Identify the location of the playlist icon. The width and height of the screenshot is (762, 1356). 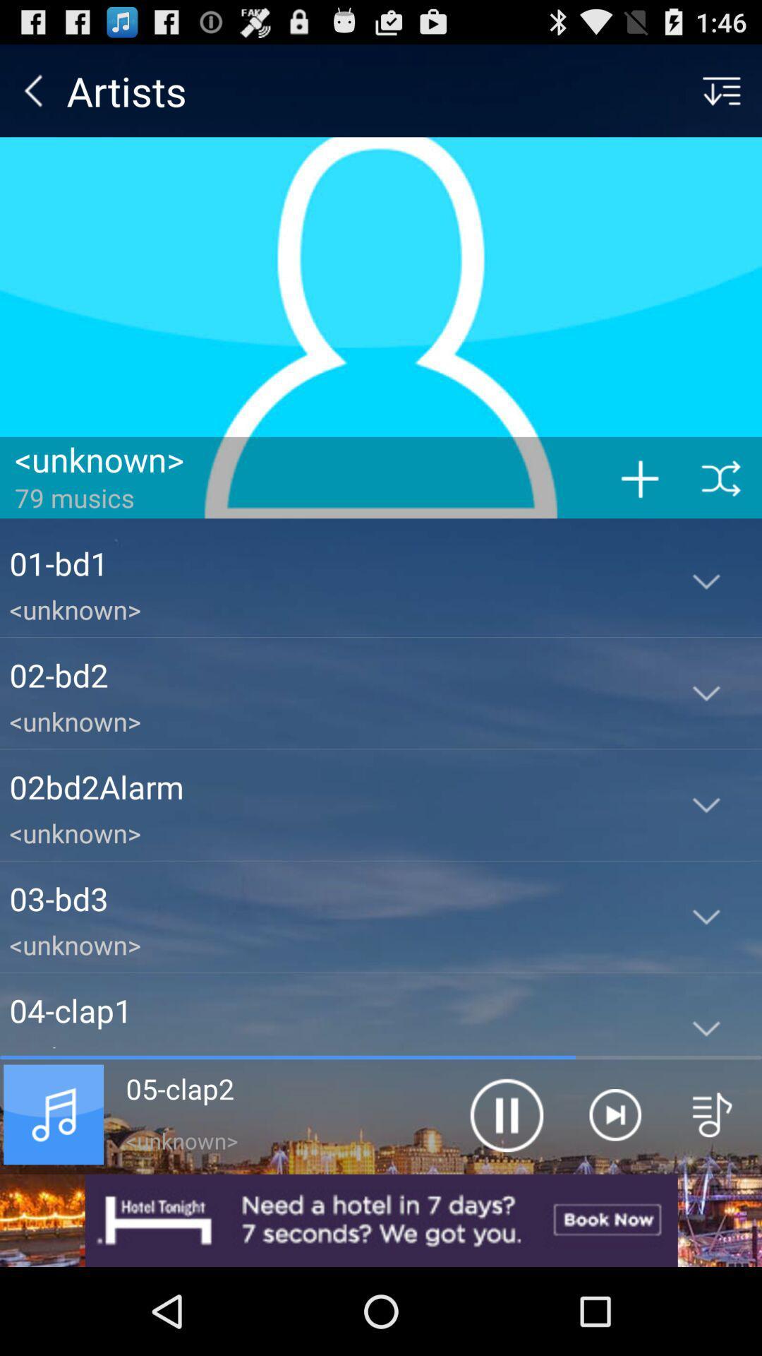
(713, 1192).